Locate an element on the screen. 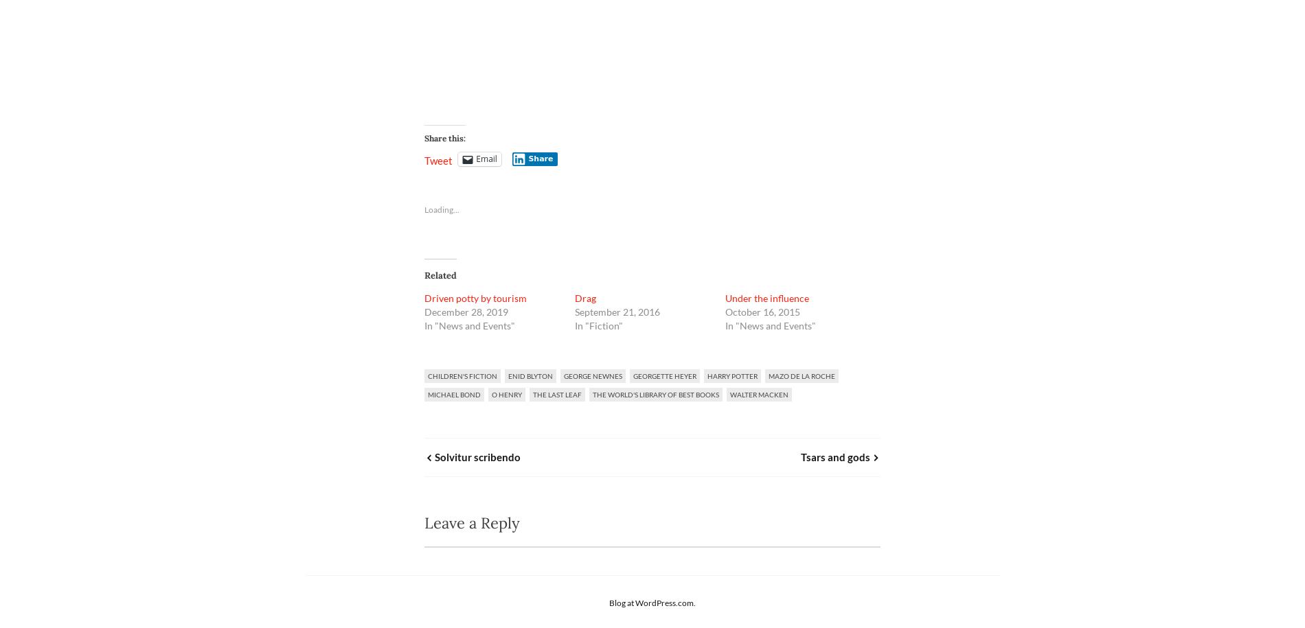  'Loading...' is located at coordinates (442, 208).